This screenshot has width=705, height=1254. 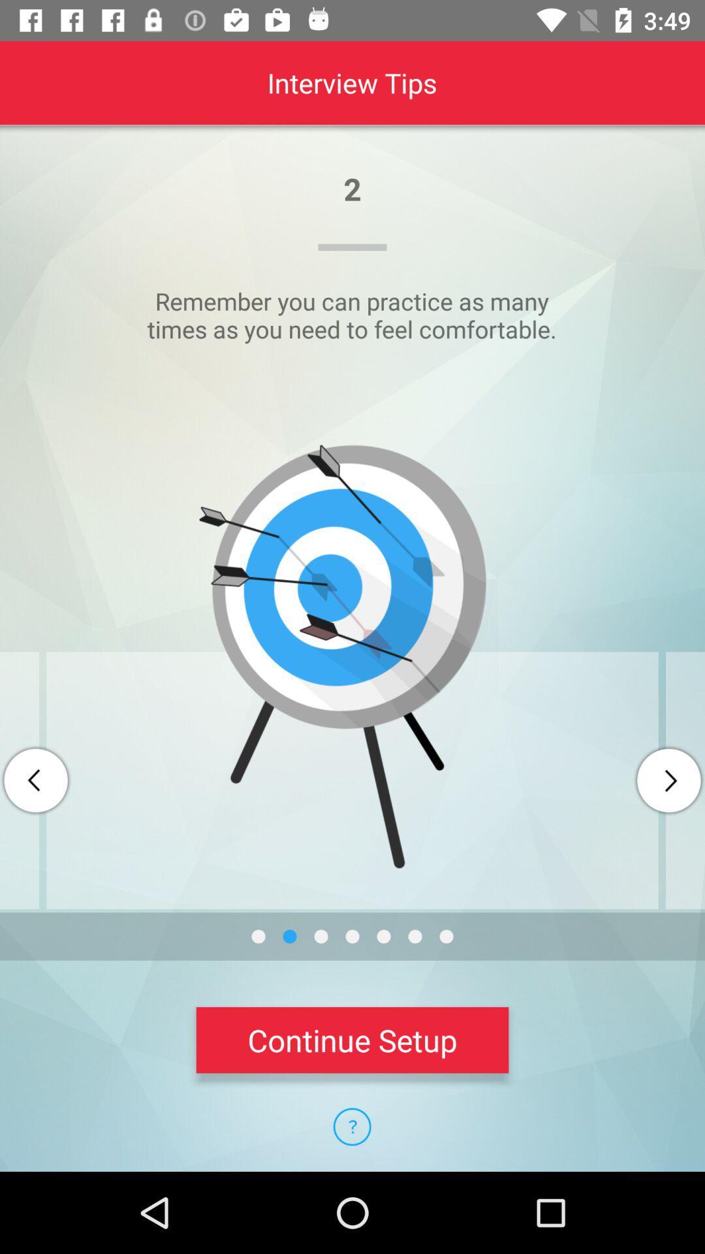 I want to click on the arrow_backward icon, so click(x=35, y=780).